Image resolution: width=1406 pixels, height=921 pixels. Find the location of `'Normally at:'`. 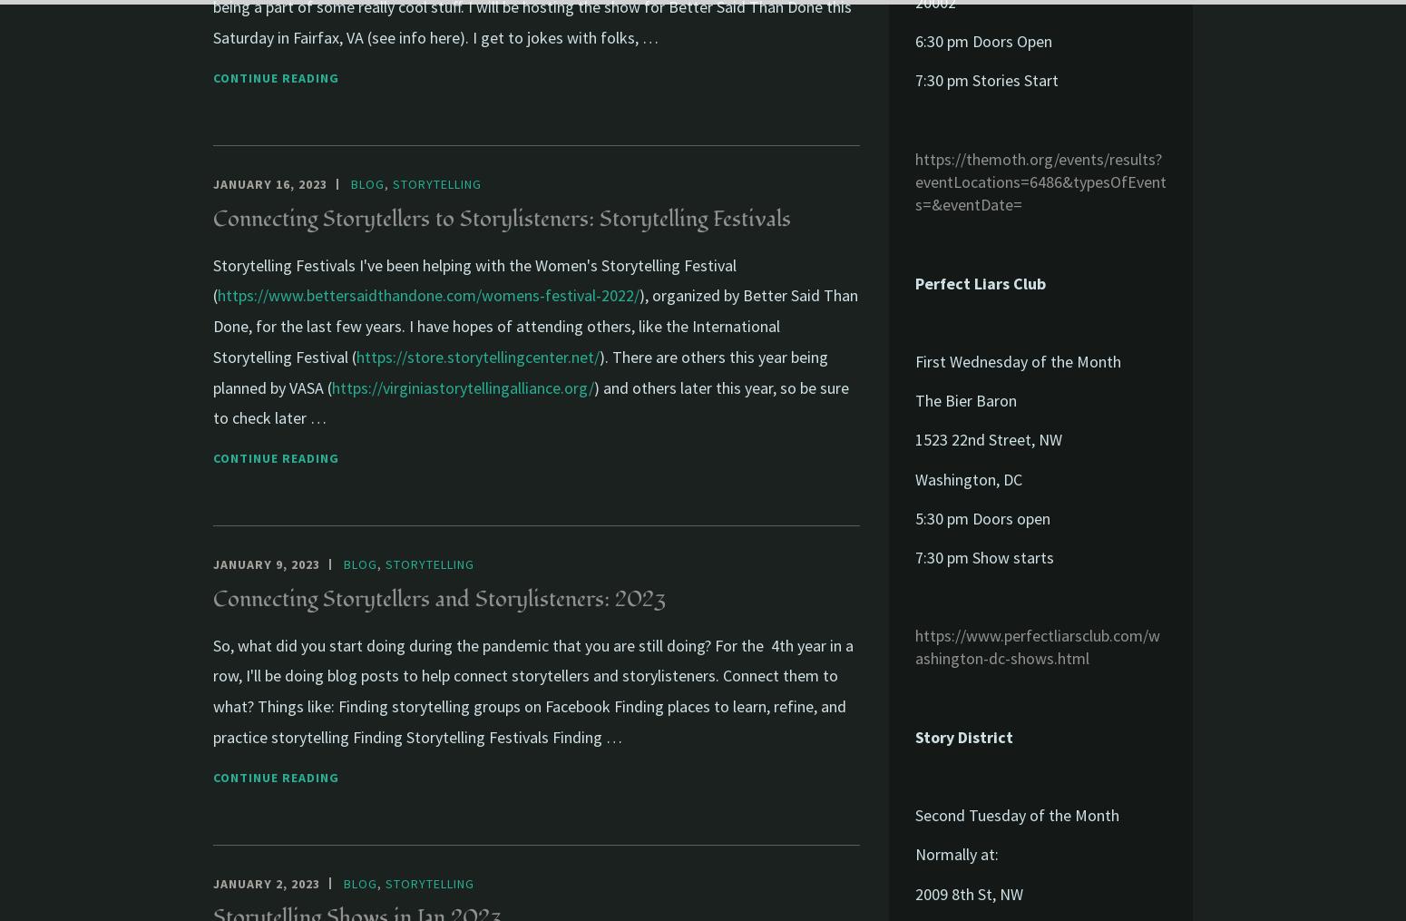

'Normally at:' is located at coordinates (956, 853).